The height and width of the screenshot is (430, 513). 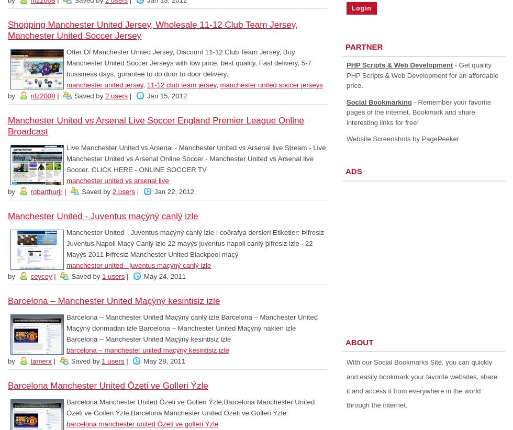 What do you see at coordinates (192, 328) in the screenshot?
I see `'Barcelona – Manchester United Maçýný canlý izle Barcelona – Manchester United Maçýný donmadan izle Barcelona – Manchester United Maçýný naklen izle Barcelona – Manchester United Maçýný kesintisiz izle'` at bounding box center [192, 328].